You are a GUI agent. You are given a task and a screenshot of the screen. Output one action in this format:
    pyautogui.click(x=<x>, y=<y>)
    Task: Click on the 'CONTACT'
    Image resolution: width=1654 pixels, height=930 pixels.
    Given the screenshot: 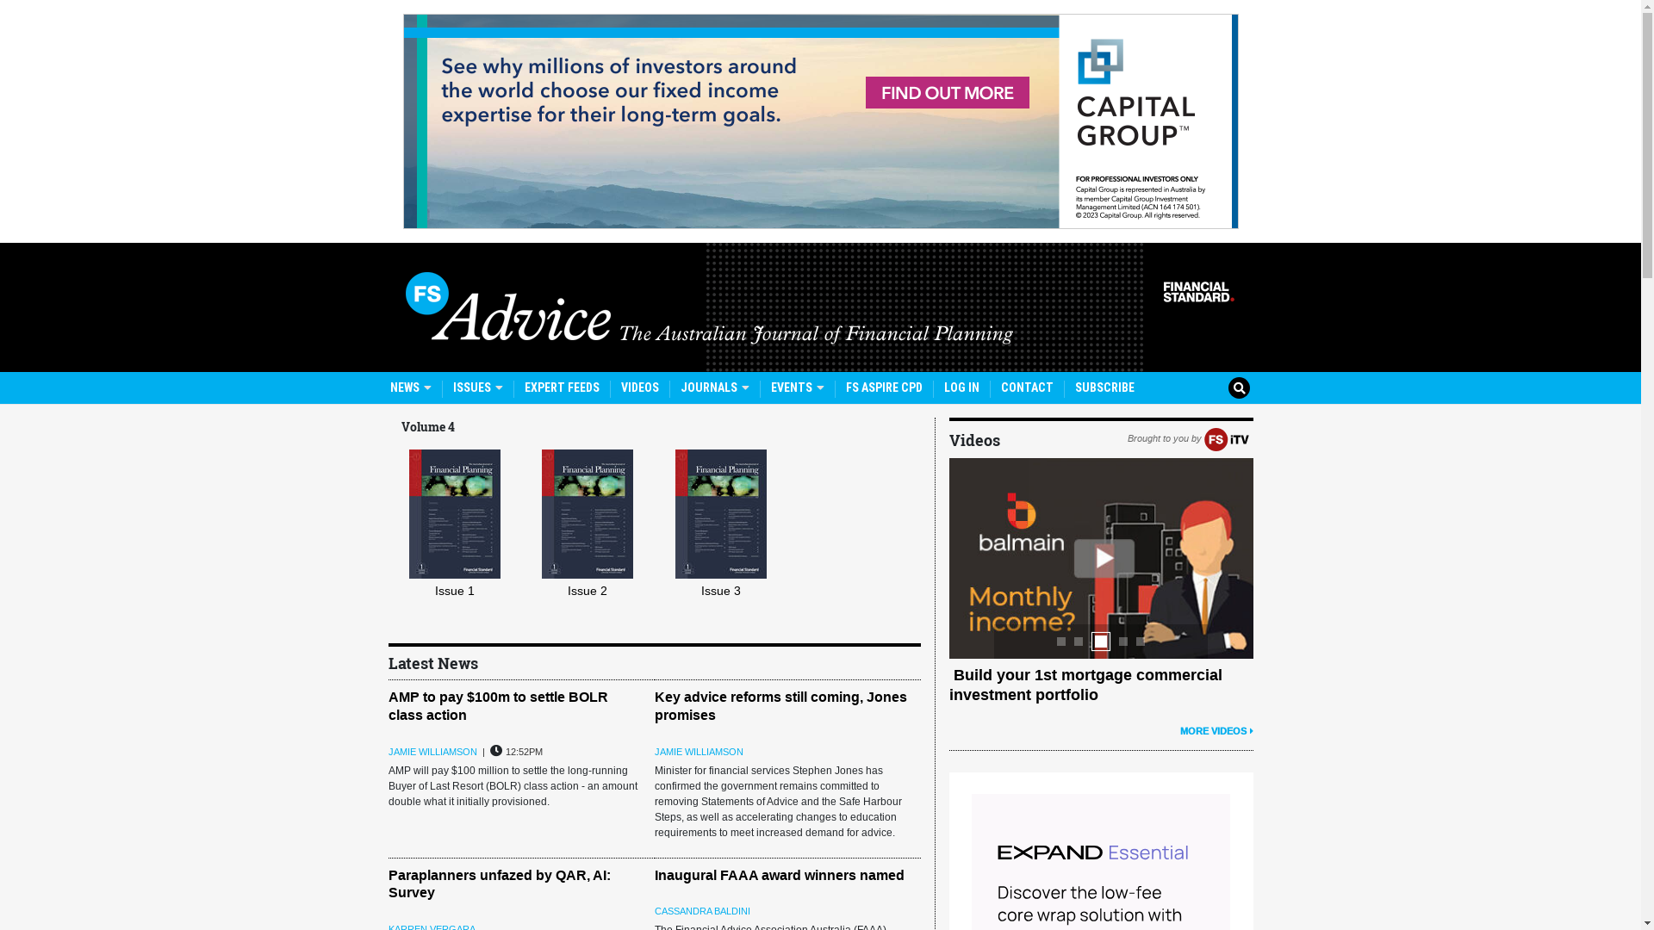 What is the action you would take?
    pyautogui.click(x=1000, y=387)
    